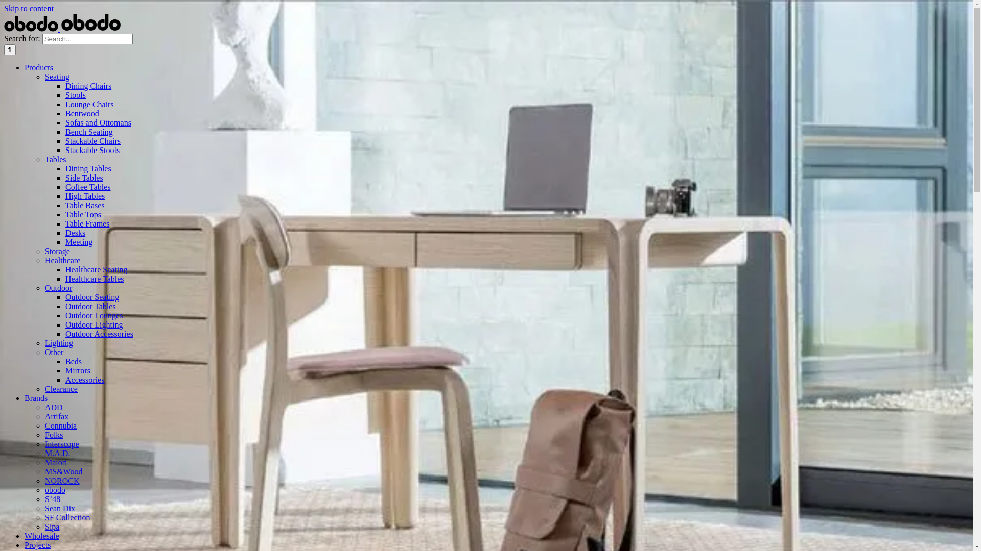  What do you see at coordinates (63, 471) in the screenshot?
I see `'MS&Wood'` at bounding box center [63, 471].